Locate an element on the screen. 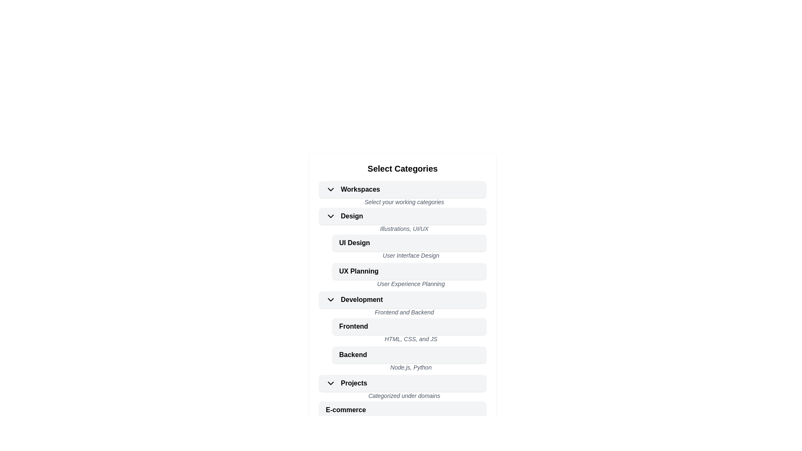 The image size is (802, 451). the 'Backend' category button located within the 'Development' section, positioned below 'Frontend' and above 'Node.js, Python' is located at coordinates (353, 355).